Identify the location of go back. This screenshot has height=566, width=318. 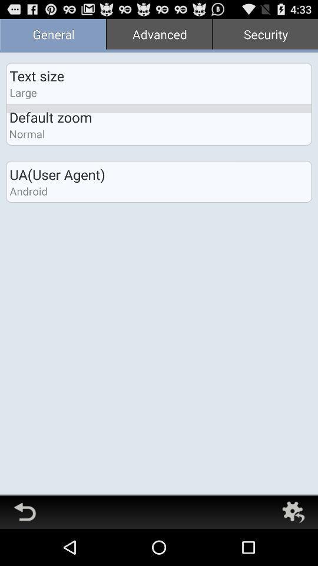
(25, 511).